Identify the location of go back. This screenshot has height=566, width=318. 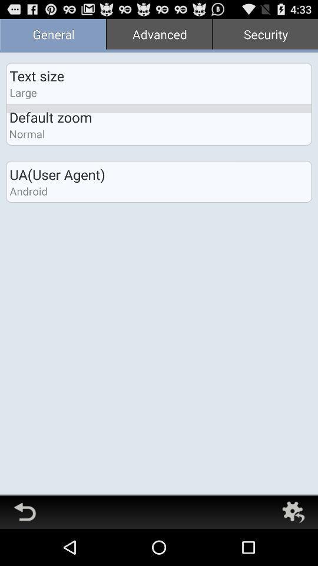
(25, 511).